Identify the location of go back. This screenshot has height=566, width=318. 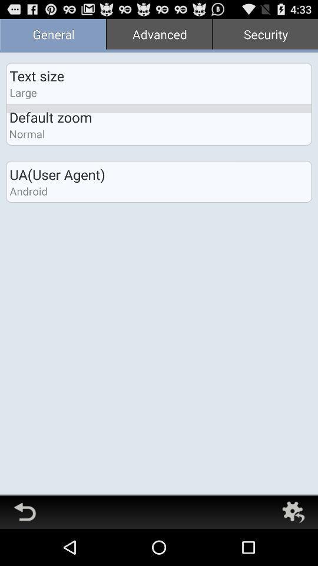
(25, 511).